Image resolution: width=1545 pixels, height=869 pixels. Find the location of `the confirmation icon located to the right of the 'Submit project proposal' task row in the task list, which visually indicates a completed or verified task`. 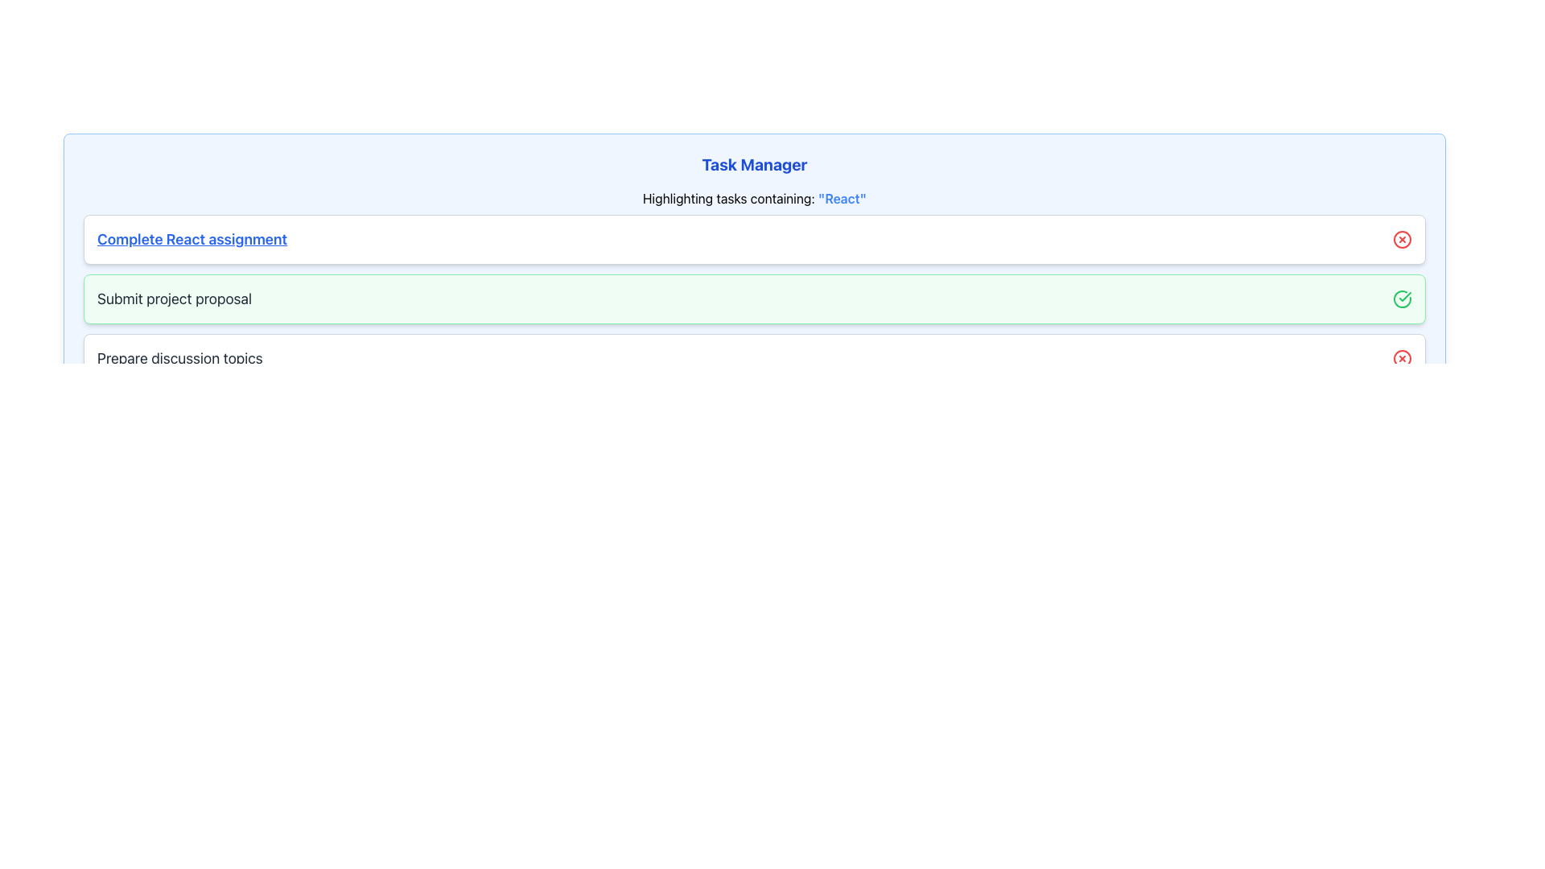

the confirmation icon located to the right of the 'Submit project proposal' task row in the task list, which visually indicates a completed or verified task is located at coordinates (1401, 299).